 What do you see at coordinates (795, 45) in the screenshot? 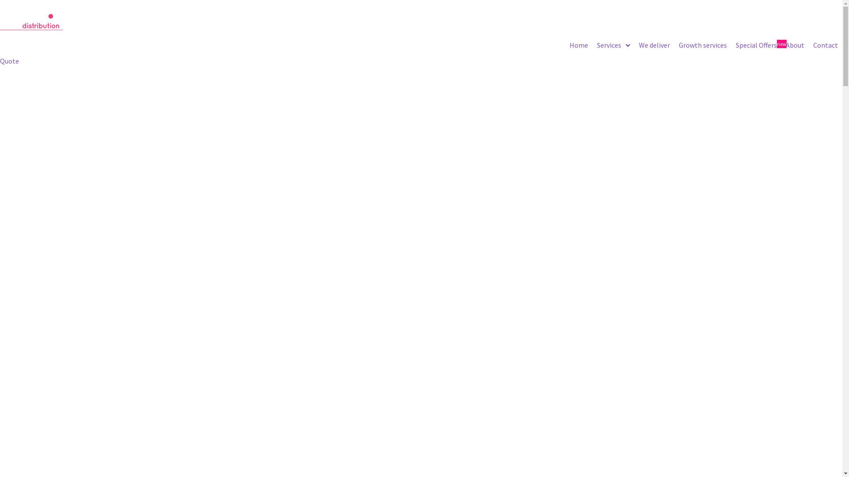
I see `'About'` at bounding box center [795, 45].